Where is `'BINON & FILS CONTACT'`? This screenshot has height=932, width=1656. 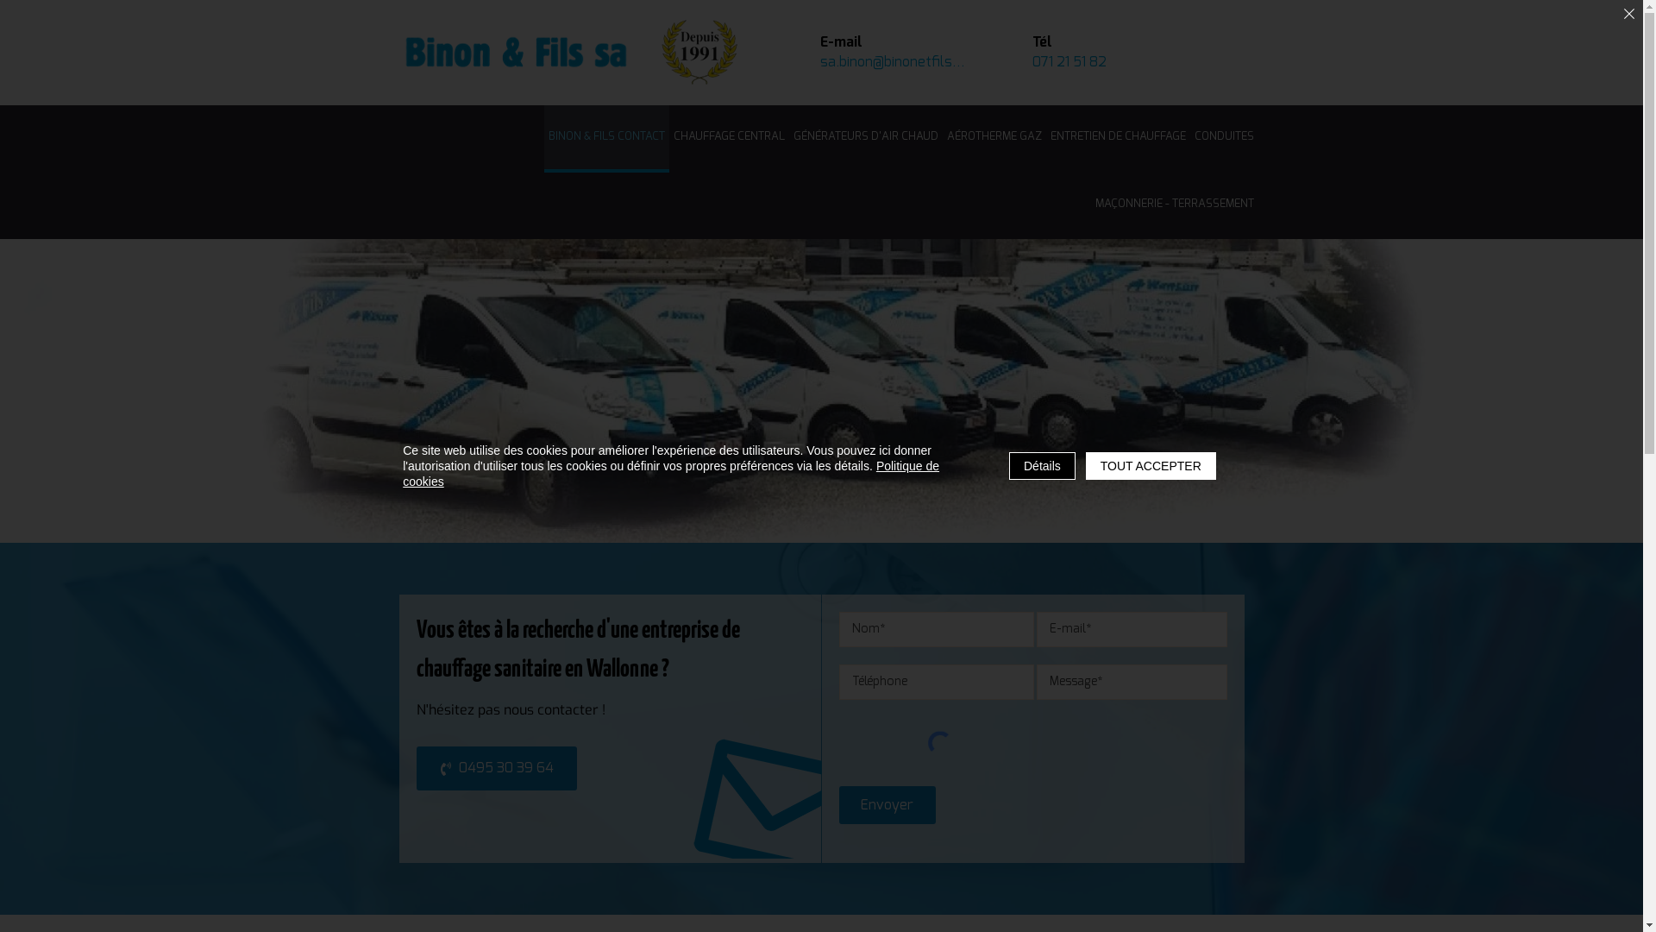 'BINON & FILS CONTACT' is located at coordinates (542, 138).